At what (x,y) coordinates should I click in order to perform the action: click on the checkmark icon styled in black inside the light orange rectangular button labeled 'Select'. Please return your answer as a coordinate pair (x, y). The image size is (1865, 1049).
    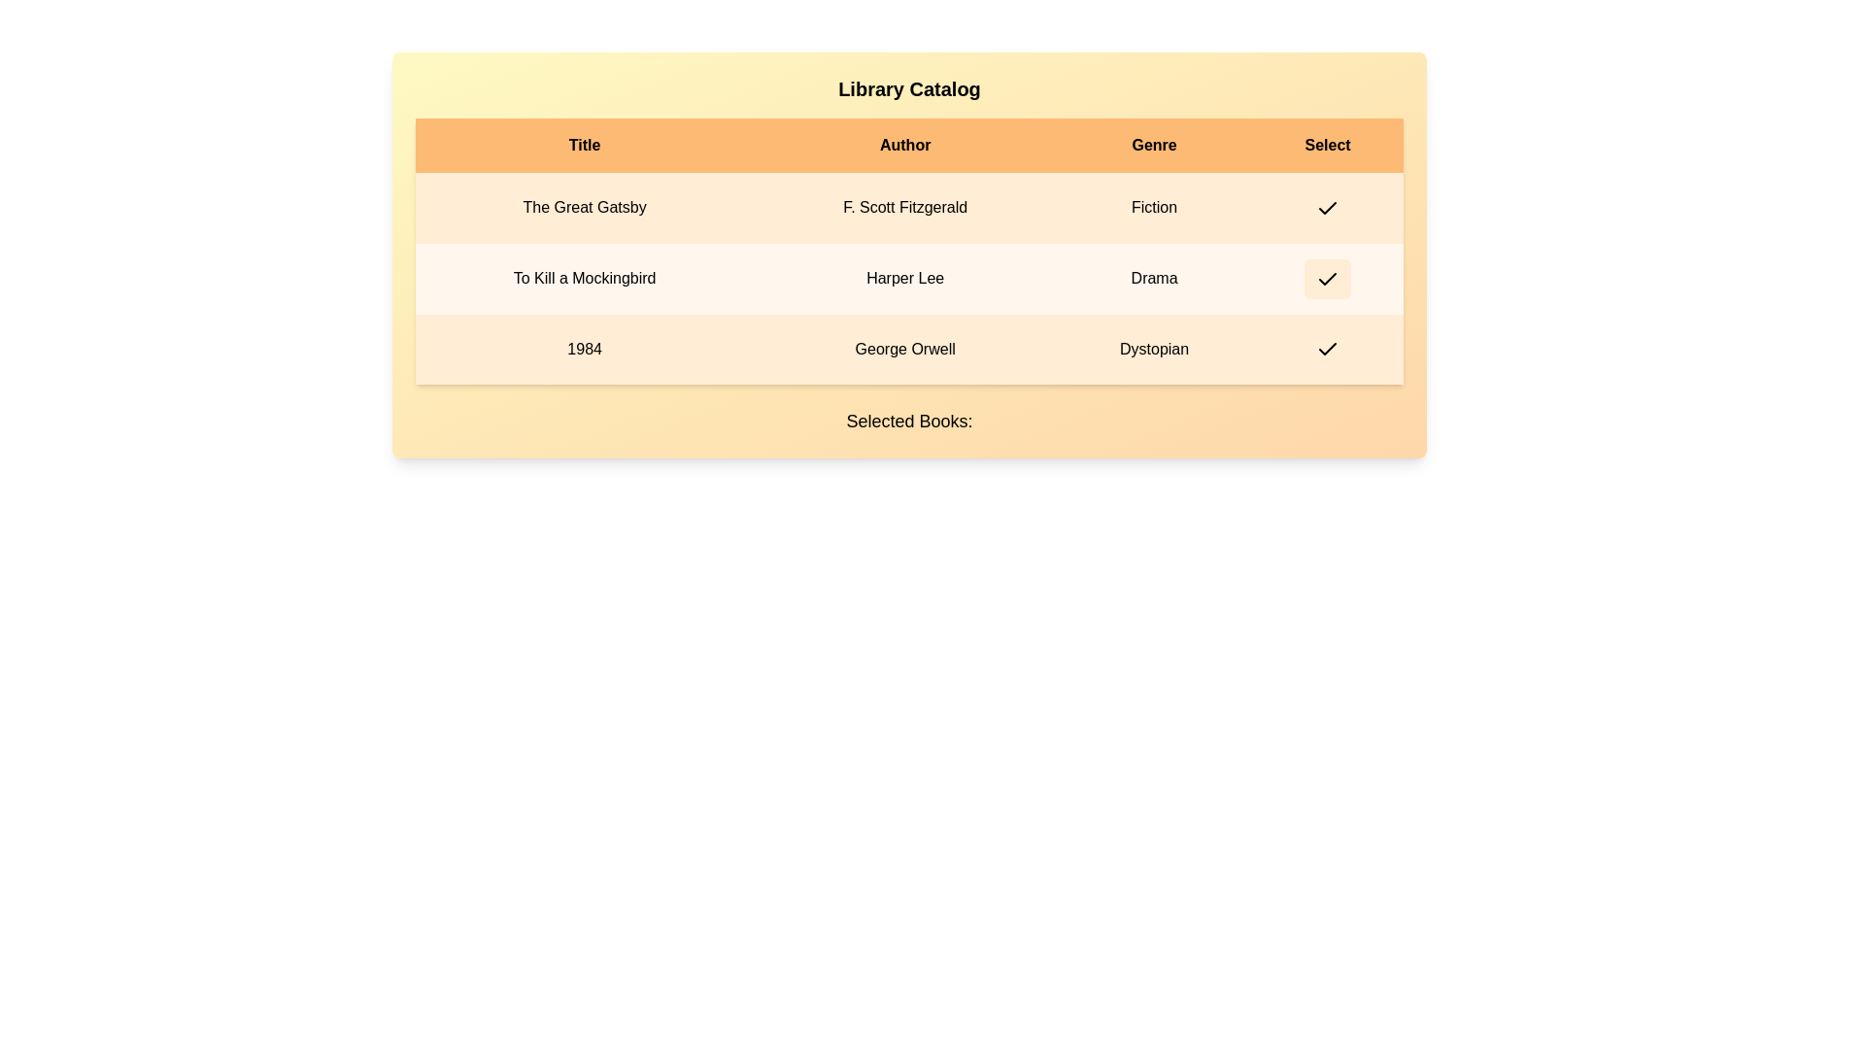
    Looking at the image, I should click on (1327, 208).